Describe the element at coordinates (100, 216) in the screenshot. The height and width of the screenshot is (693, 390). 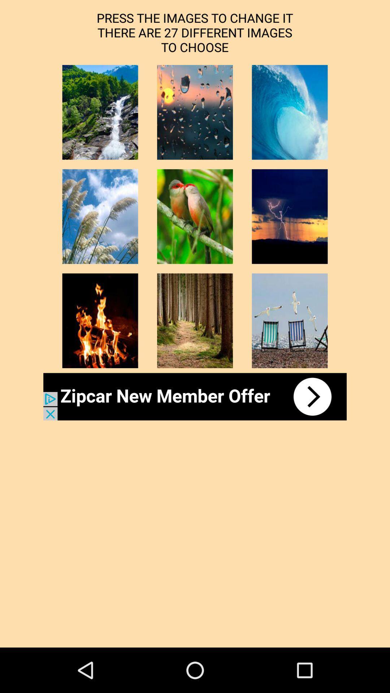
I see `image` at that location.